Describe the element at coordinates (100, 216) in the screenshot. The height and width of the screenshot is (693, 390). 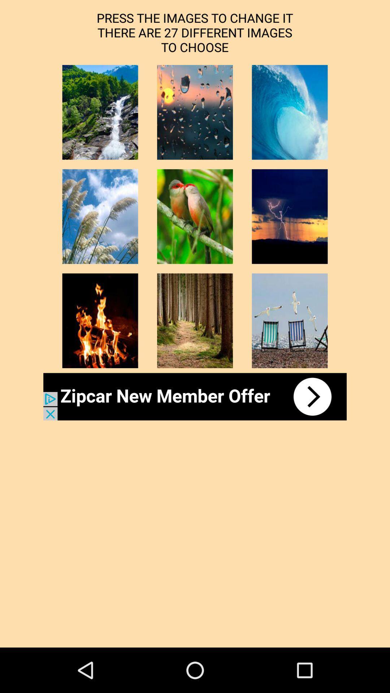
I see `image` at that location.